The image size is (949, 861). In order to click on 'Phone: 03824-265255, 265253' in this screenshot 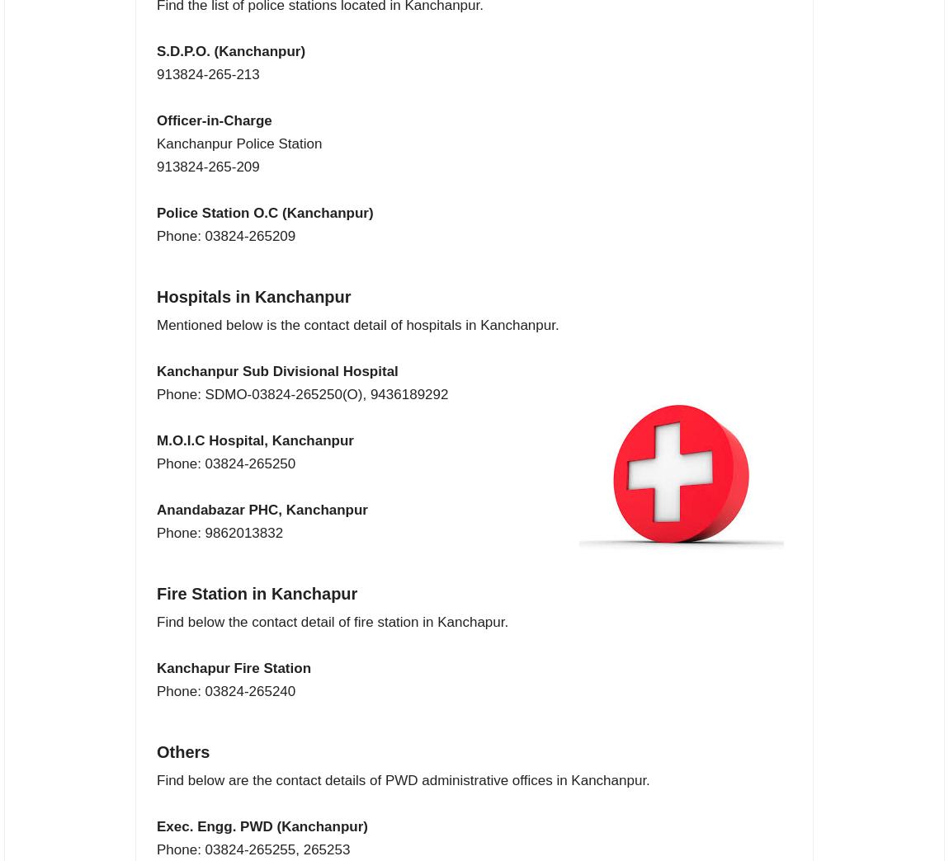, I will do `click(253, 849)`.